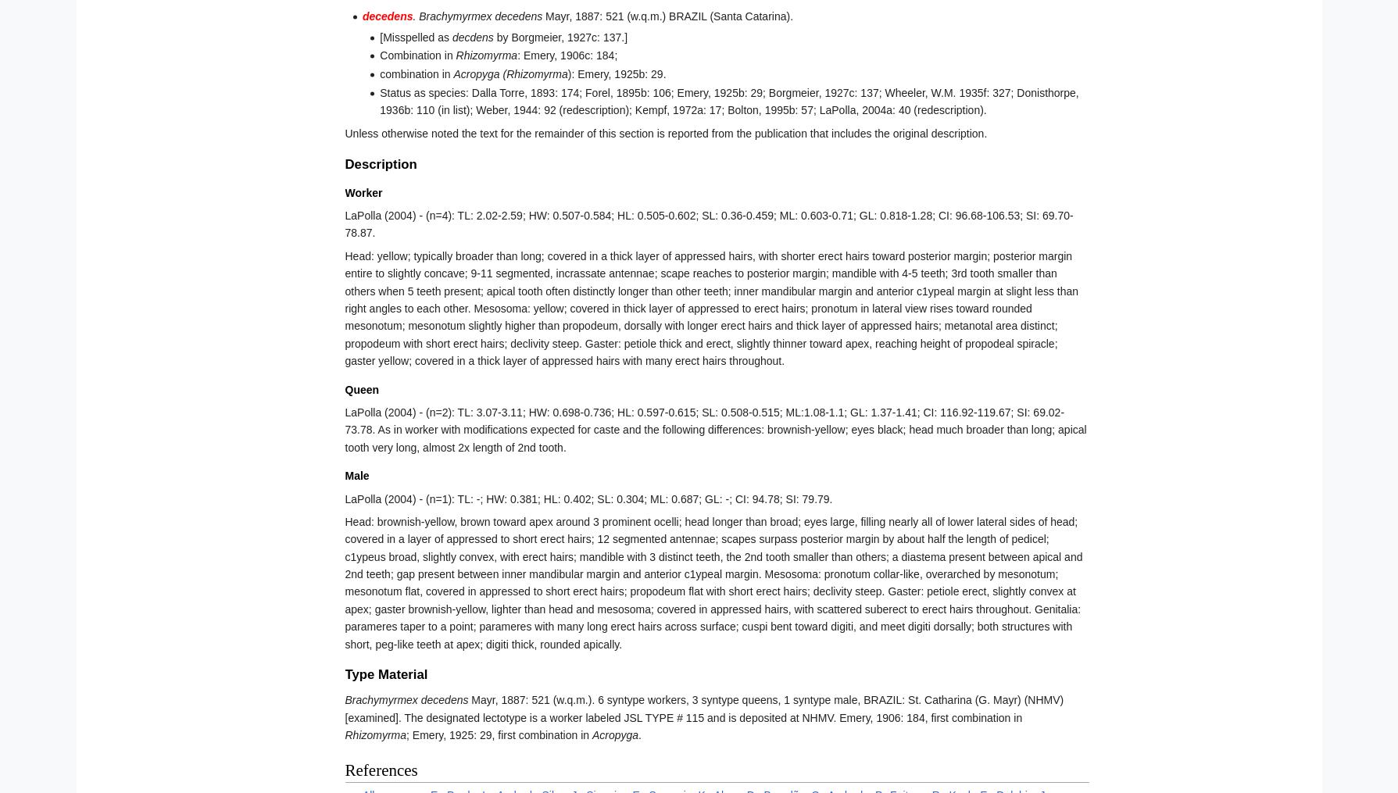 Image resolution: width=1398 pixels, height=793 pixels. Describe the element at coordinates (614, 734) in the screenshot. I see `'Acropyga'` at that location.